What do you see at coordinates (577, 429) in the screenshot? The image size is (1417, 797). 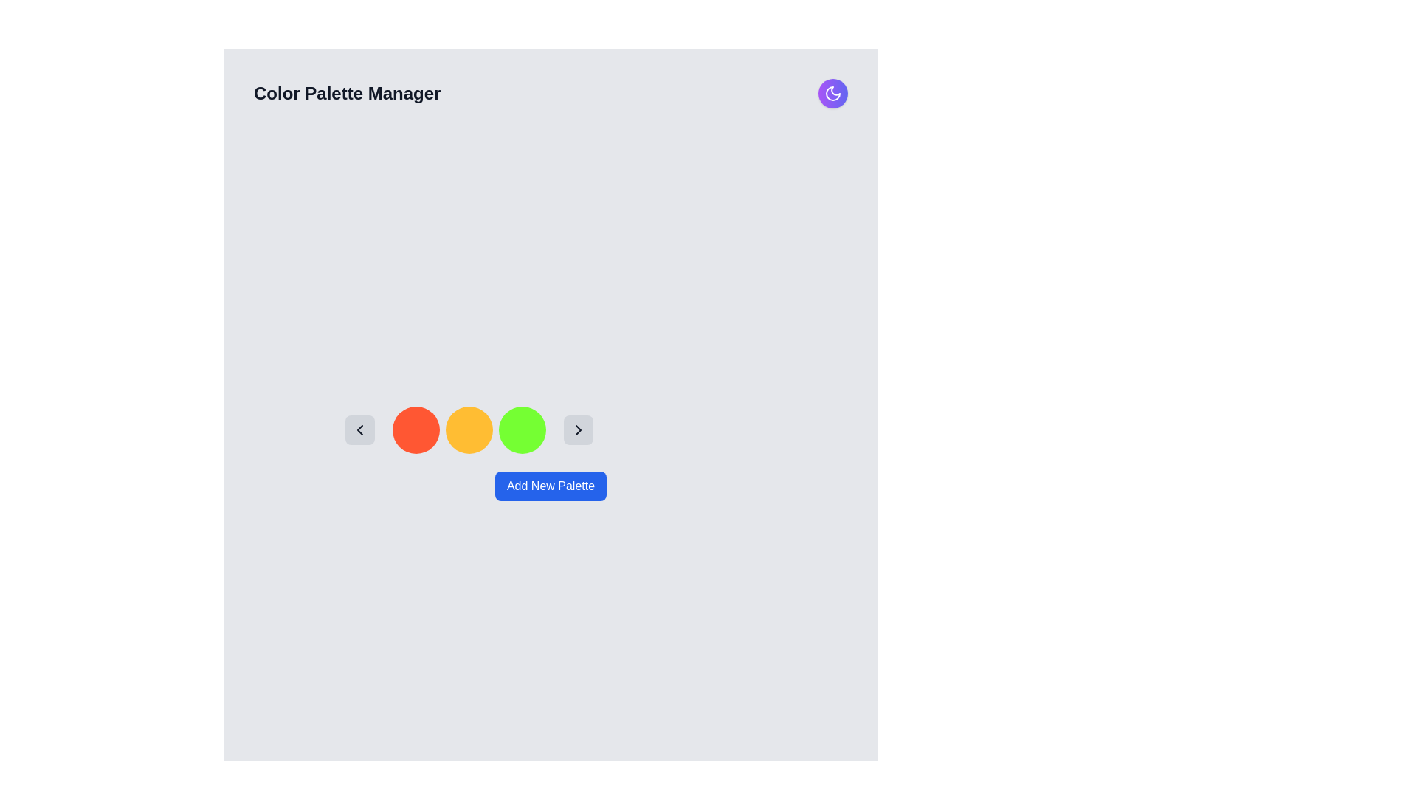 I see `the icon button located at the rightmost position of the navigation control` at bounding box center [577, 429].